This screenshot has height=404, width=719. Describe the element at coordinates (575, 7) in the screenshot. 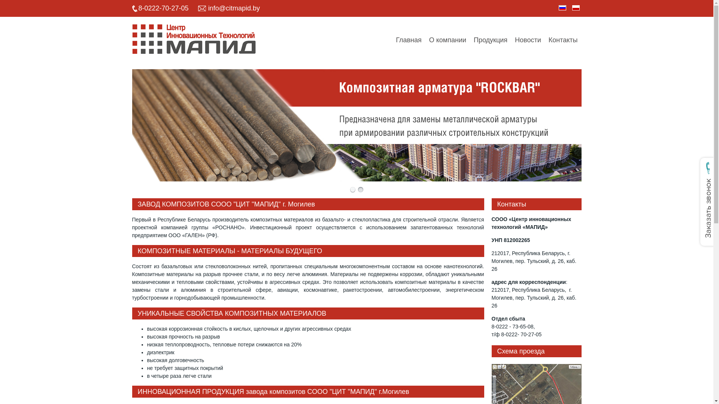

I see `'Polish'` at that location.